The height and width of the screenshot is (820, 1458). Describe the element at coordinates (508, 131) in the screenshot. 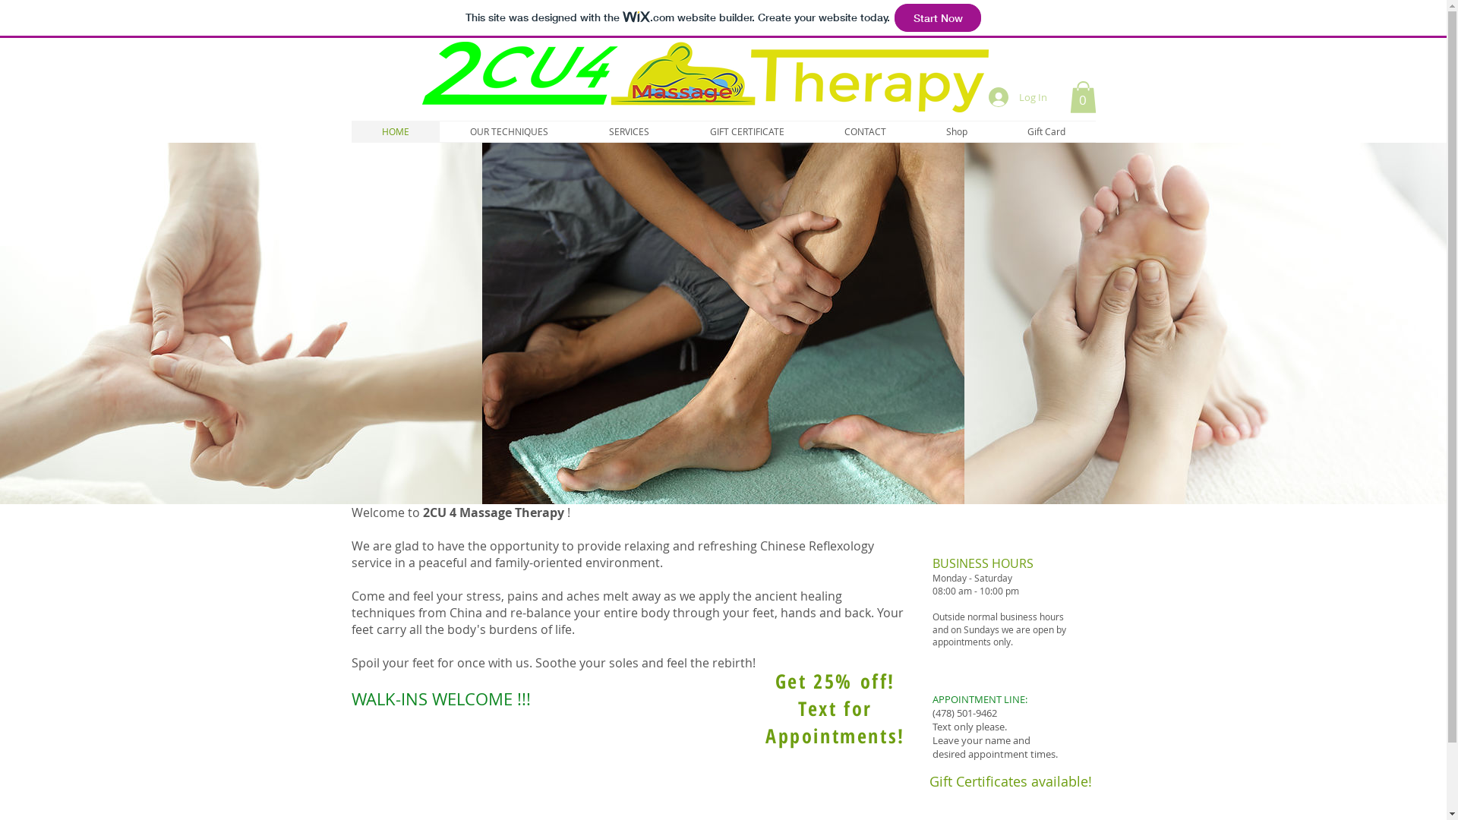

I see `'OUR TECHNIQUES'` at that location.